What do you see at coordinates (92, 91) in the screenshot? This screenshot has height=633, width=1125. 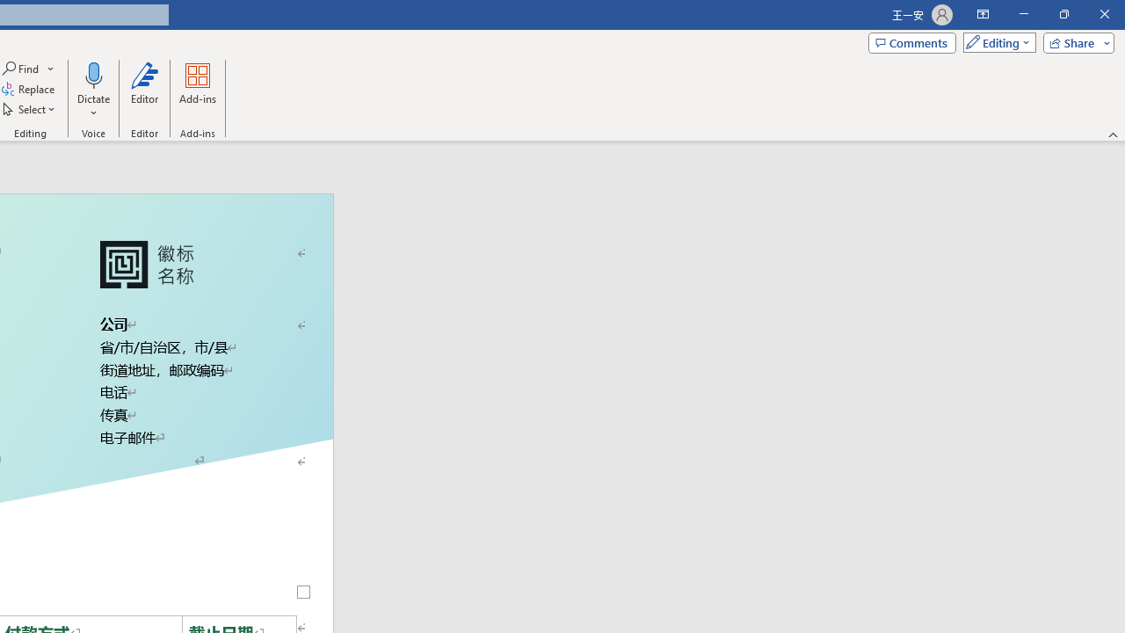 I see `'Dictate'` at bounding box center [92, 91].